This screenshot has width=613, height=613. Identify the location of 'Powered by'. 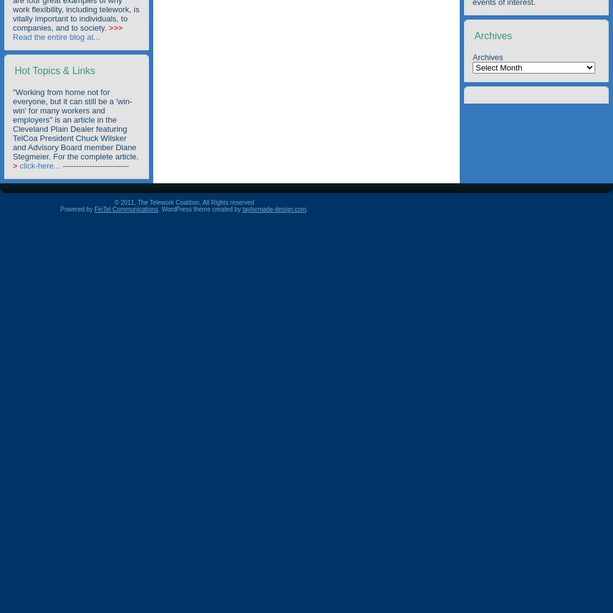
(59, 208).